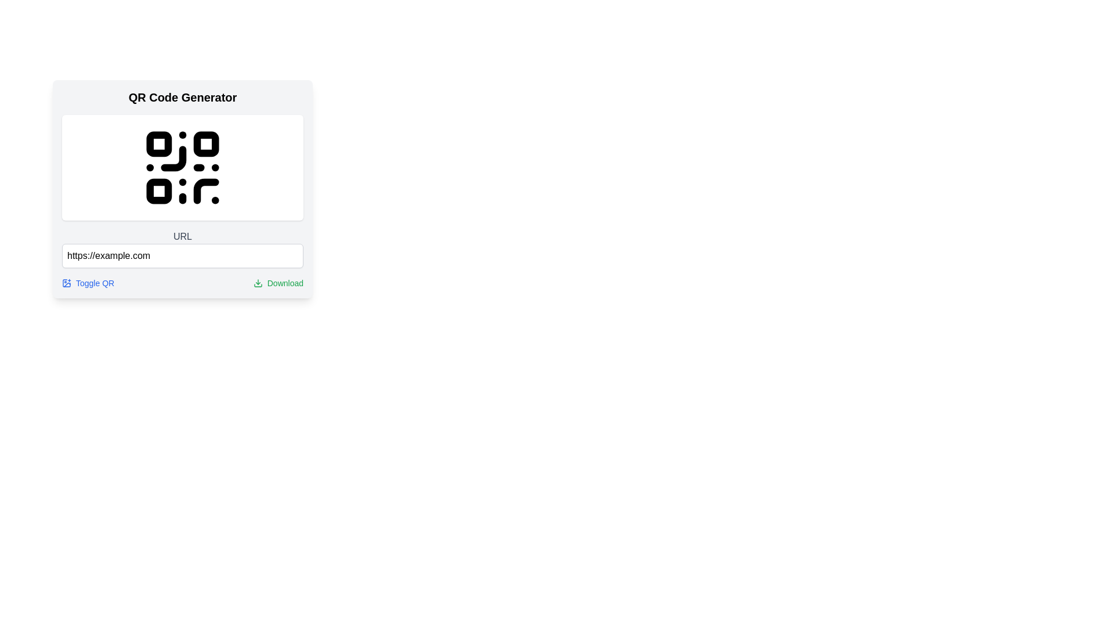  What do you see at coordinates (206, 143) in the screenshot?
I see `the second square block positioned in the upper right corner of the QR code grid, which is part of the QR Code Generator interface` at bounding box center [206, 143].